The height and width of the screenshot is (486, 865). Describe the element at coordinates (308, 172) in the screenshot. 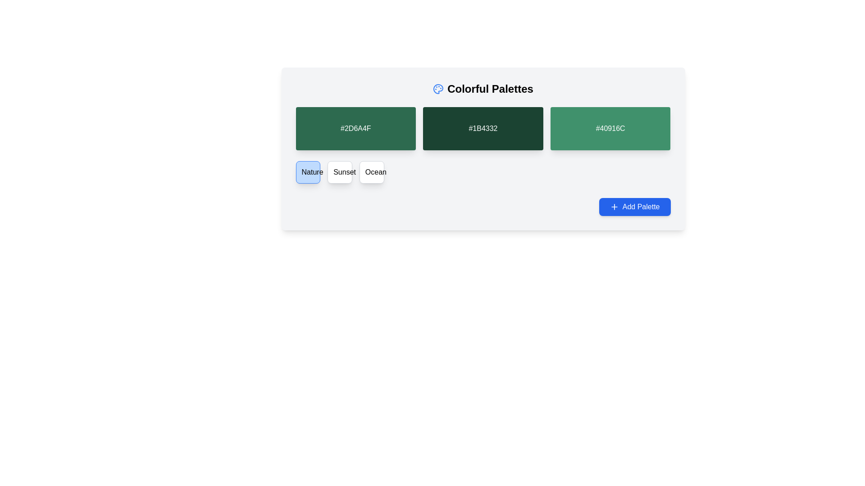

I see `the 'Nature' button, which is the leftmost button in a group of three with a gradient blue background and rounded corners` at that location.